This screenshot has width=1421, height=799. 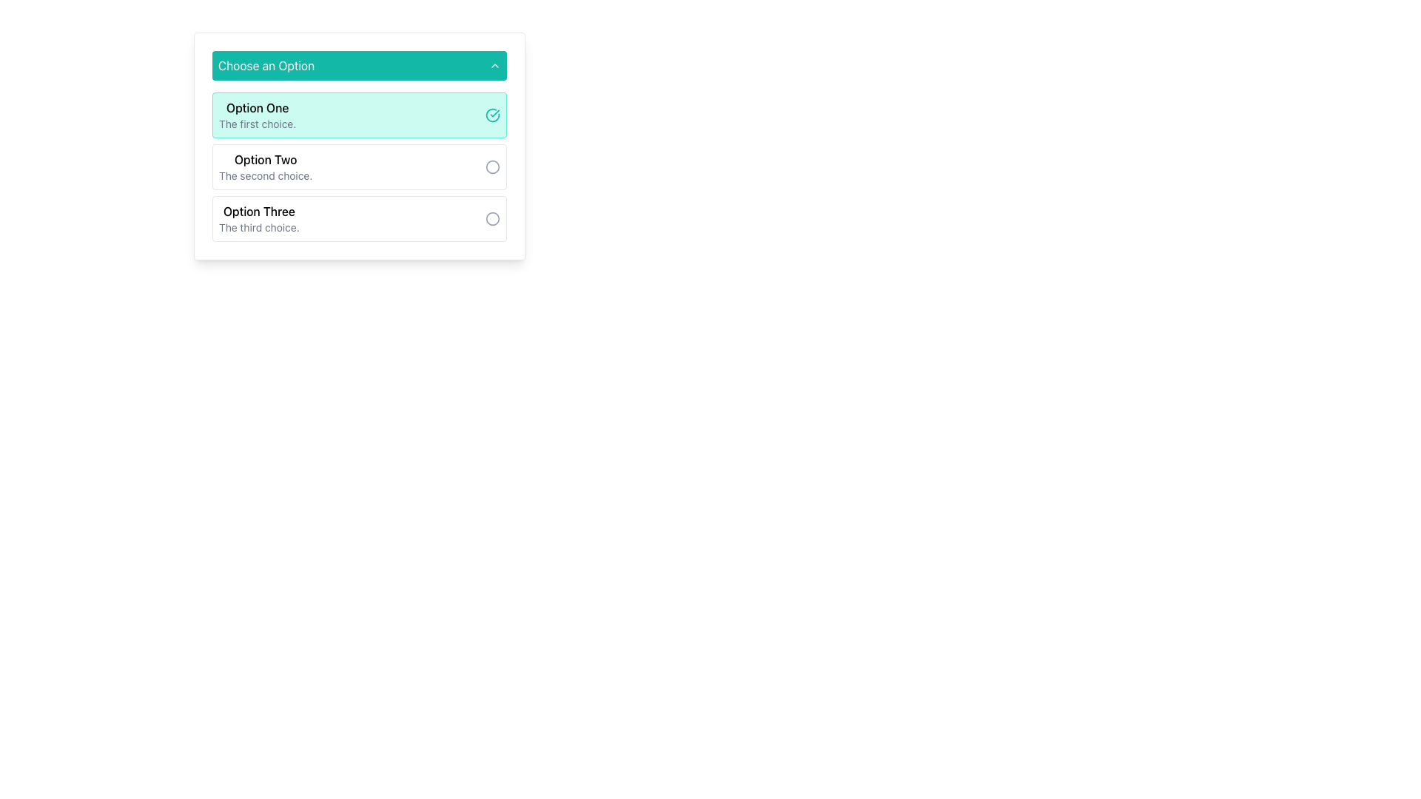 What do you see at coordinates (259, 211) in the screenshot?
I see `the text label reading 'Option Three', which is displayed in bold font and is part of a selection box located below 'Option Two' and above 'The third choice'` at bounding box center [259, 211].